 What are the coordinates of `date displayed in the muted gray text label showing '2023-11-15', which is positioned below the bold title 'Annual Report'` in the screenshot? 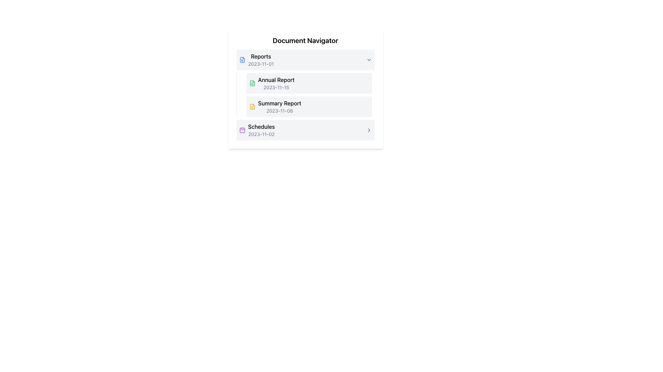 It's located at (276, 87).